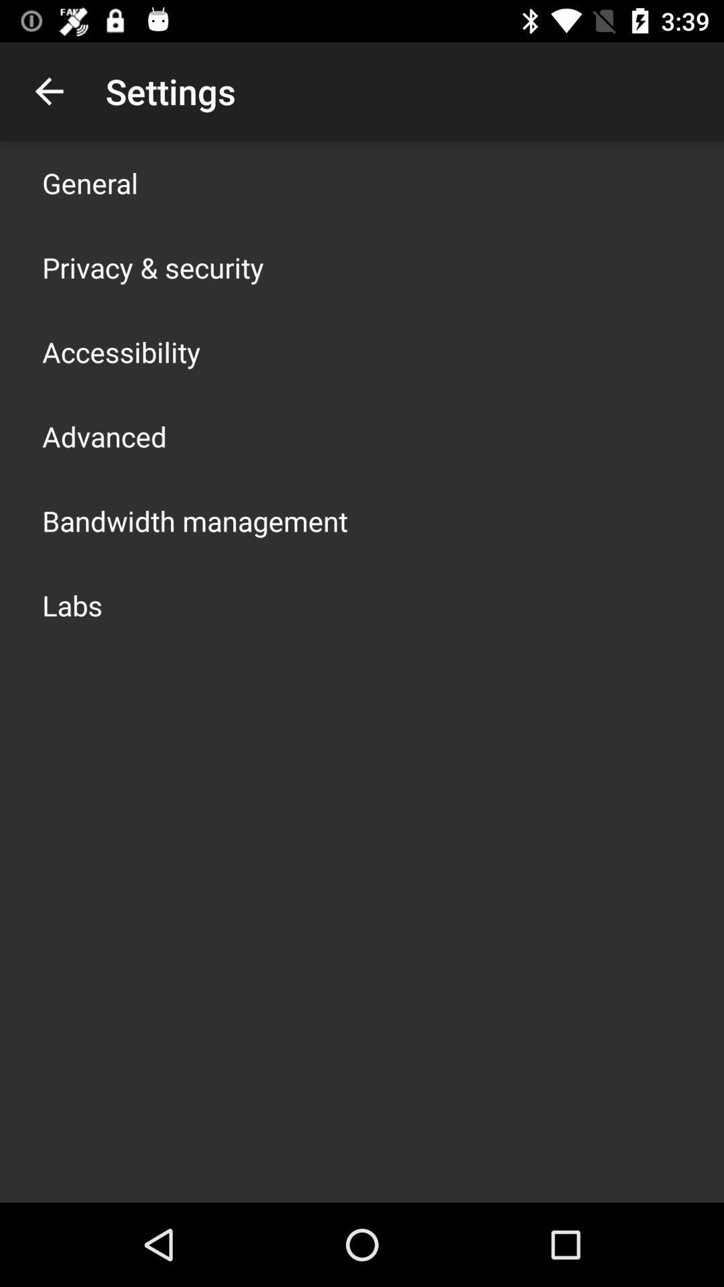 The height and width of the screenshot is (1287, 724). Describe the element at coordinates (194, 520) in the screenshot. I see `bandwidth management app` at that location.